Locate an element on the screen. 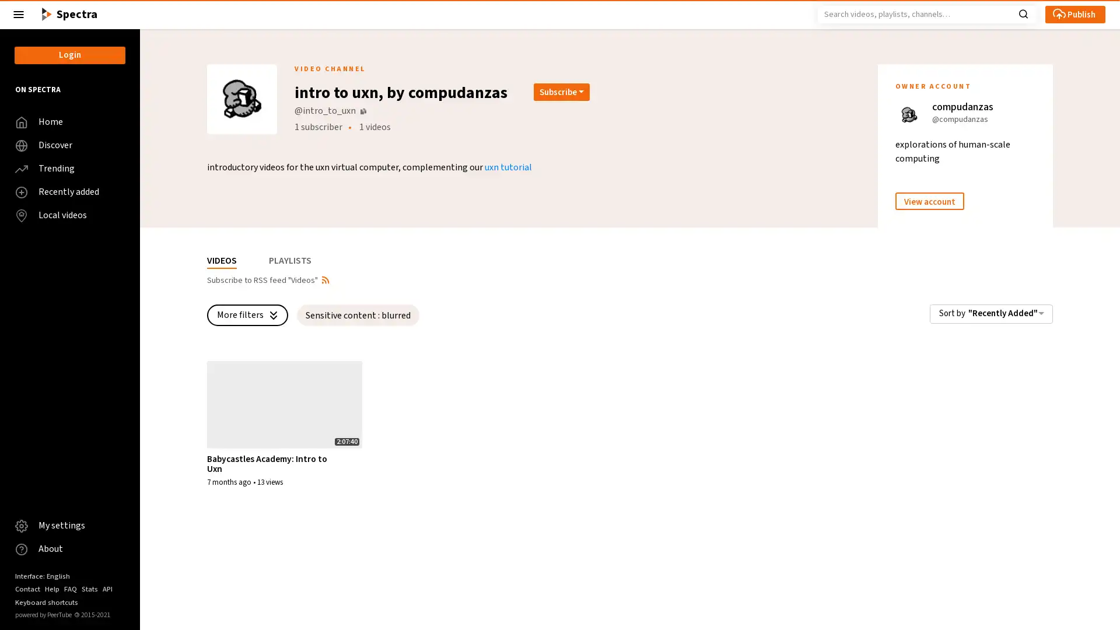  Search is located at coordinates (1023, 13).